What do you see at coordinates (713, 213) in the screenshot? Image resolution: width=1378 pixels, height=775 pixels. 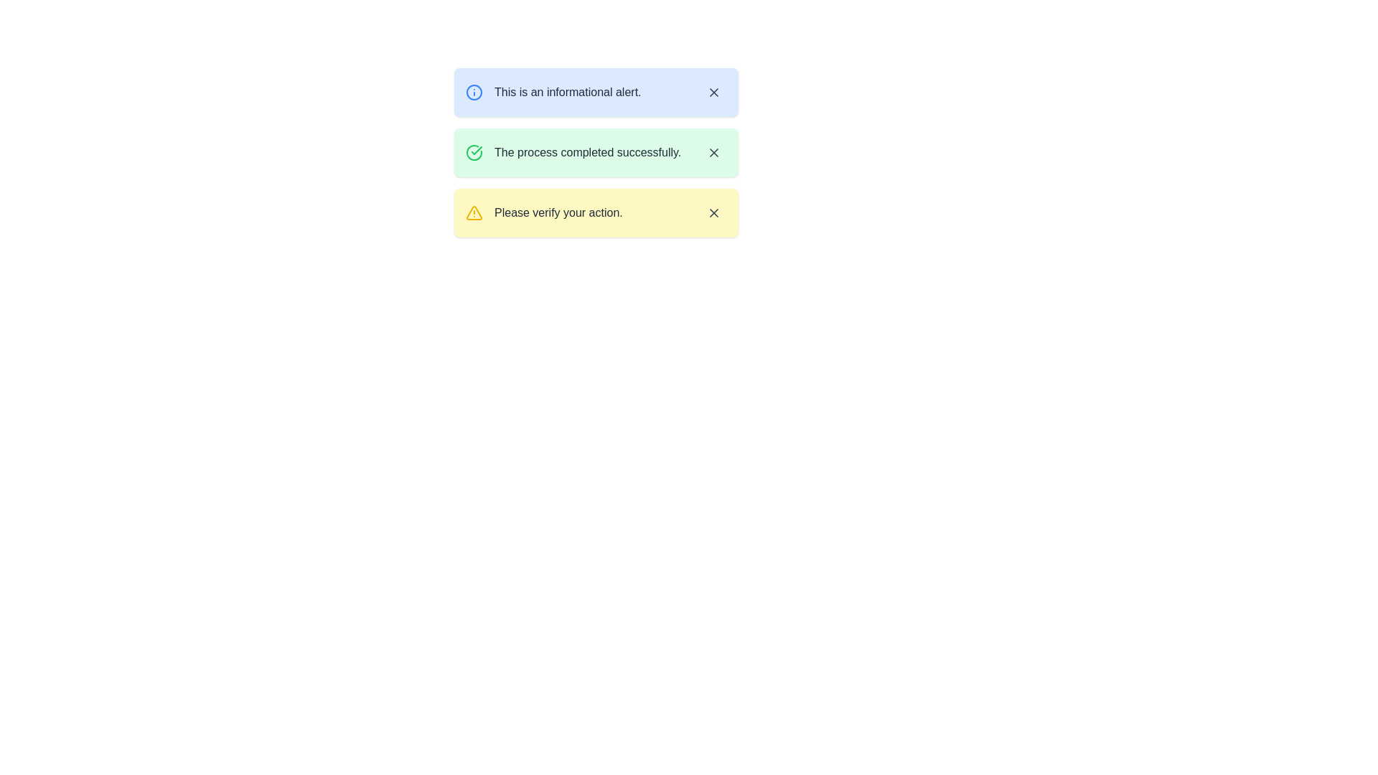 I see `the close button, which is a small 'x' icon located at the far right edge of the yellow notification box` at bounding box center [713, 213].